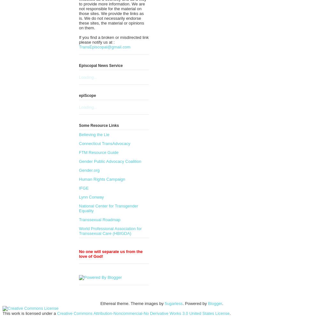 The height and width of the screenshot is (326, 321). What do you see at coordinates (174, 303) in the screenshot?
I see `'5ugarless'` at bounding box center [174, 303].